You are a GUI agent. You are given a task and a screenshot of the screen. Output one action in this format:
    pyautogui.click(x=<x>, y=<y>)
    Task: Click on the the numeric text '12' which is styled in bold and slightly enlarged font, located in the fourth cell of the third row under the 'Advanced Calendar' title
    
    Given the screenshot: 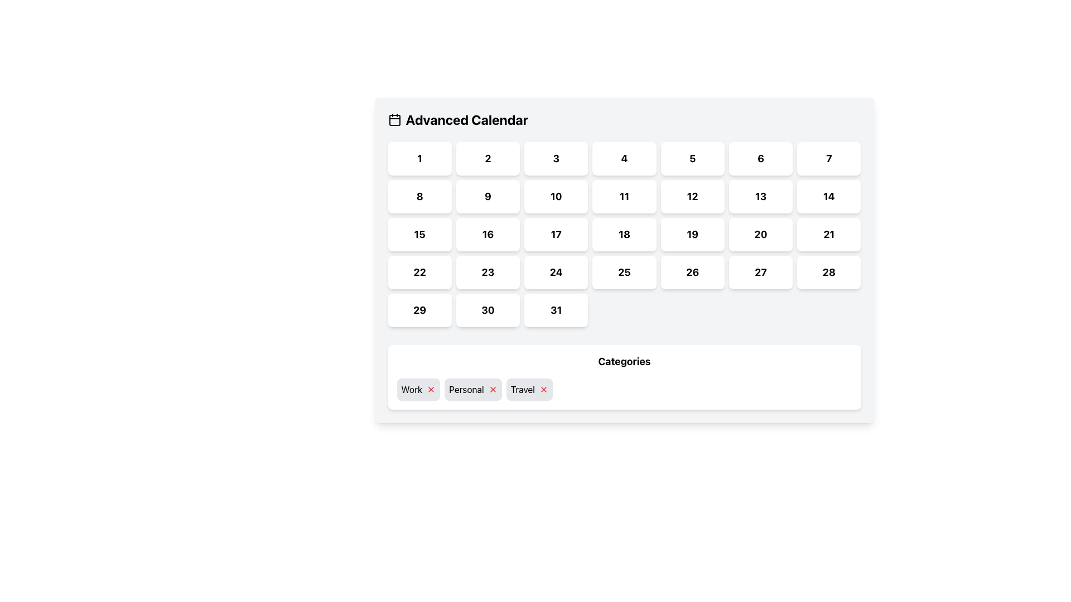 What is the action you would take?
    pyautogui.click(x=692, y=196)
    